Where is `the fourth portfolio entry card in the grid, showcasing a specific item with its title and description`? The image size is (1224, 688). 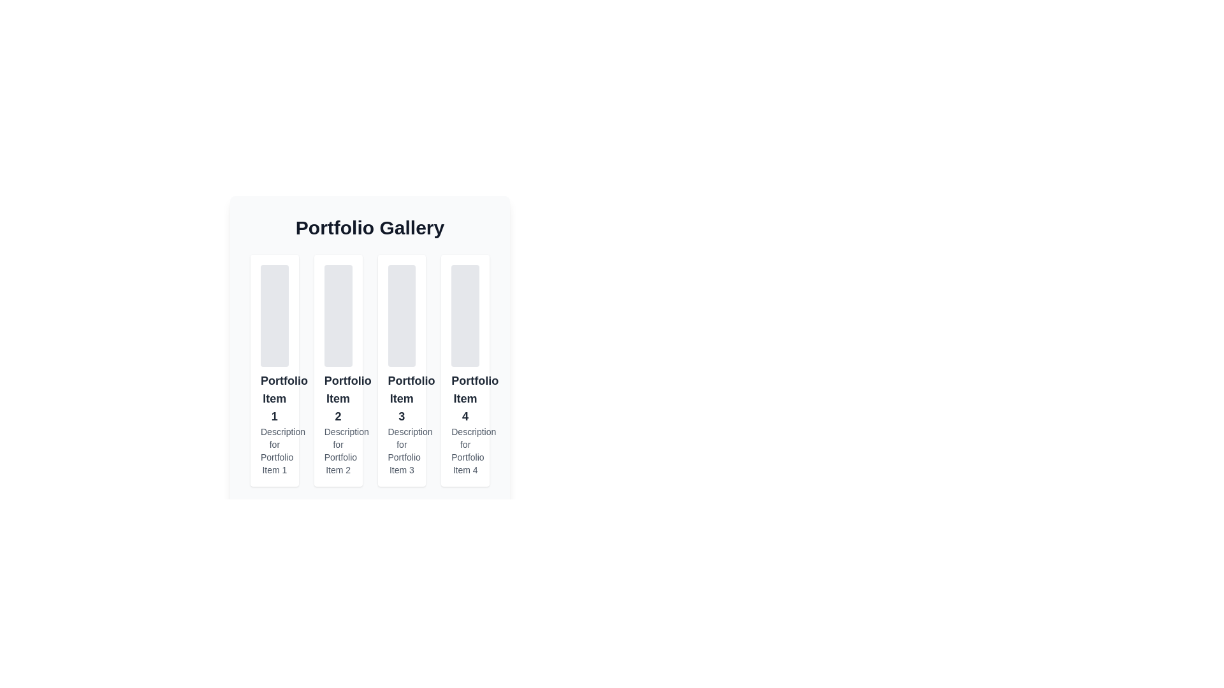
the fourth portfolio entry card in the grid, showcasing a specific item with its title and description is located at coordinates (465, 371).